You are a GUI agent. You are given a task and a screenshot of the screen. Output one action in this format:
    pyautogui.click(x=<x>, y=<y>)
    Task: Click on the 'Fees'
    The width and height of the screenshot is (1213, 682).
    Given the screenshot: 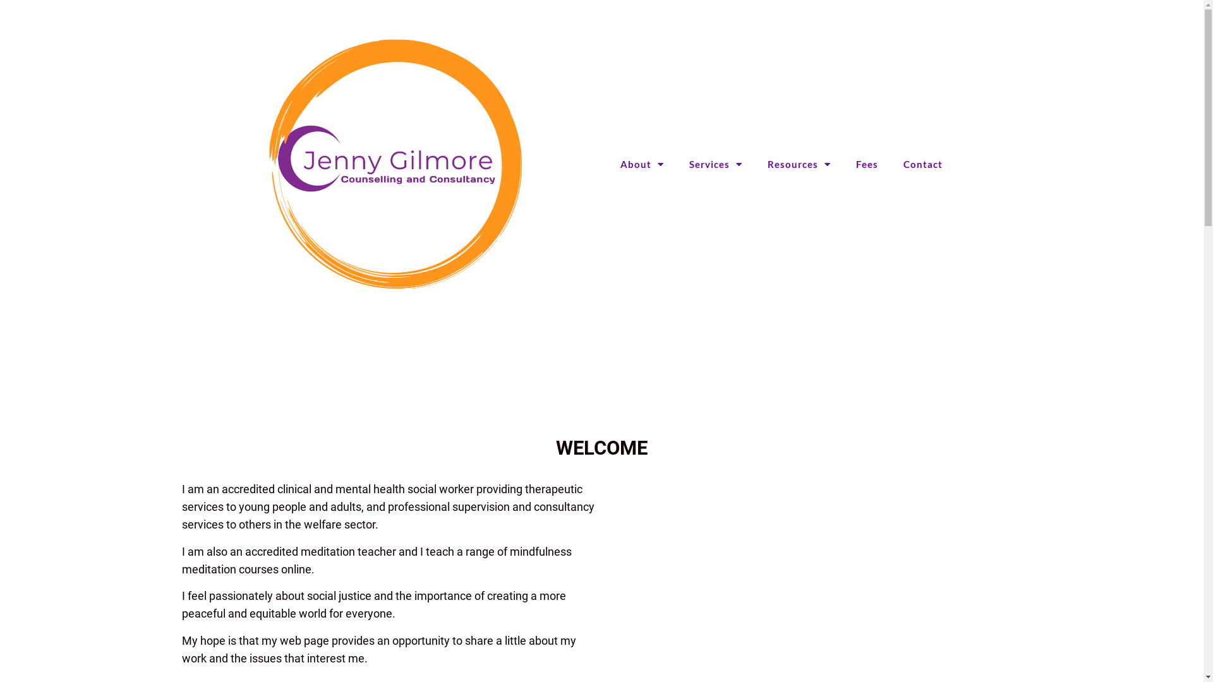 What is the action you would take?
    pyautogui.click(x=866, y=163)
    